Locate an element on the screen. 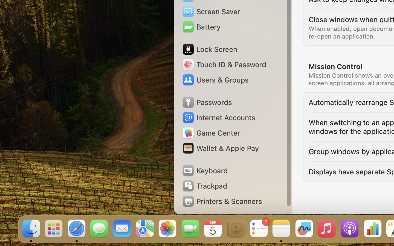 The image size is (394, 246). 'Trackpad' is located at coordinates (204, 186).